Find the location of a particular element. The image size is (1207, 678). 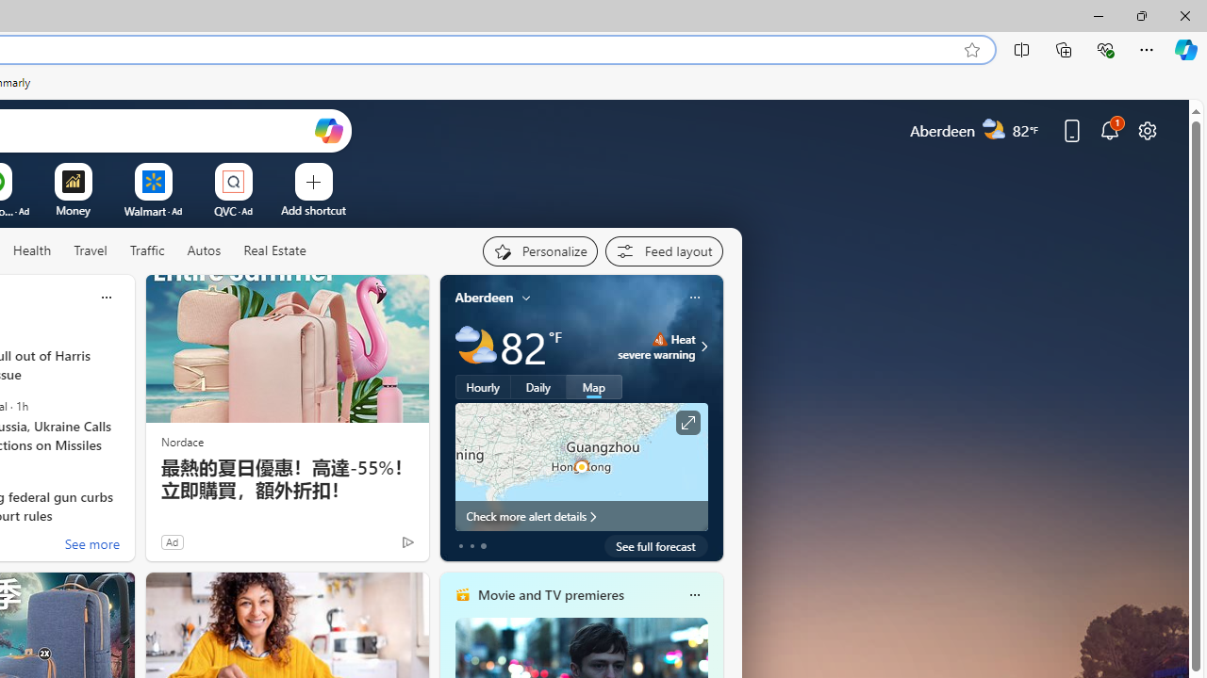

'tab-2' is located at coordinates (483, 545).